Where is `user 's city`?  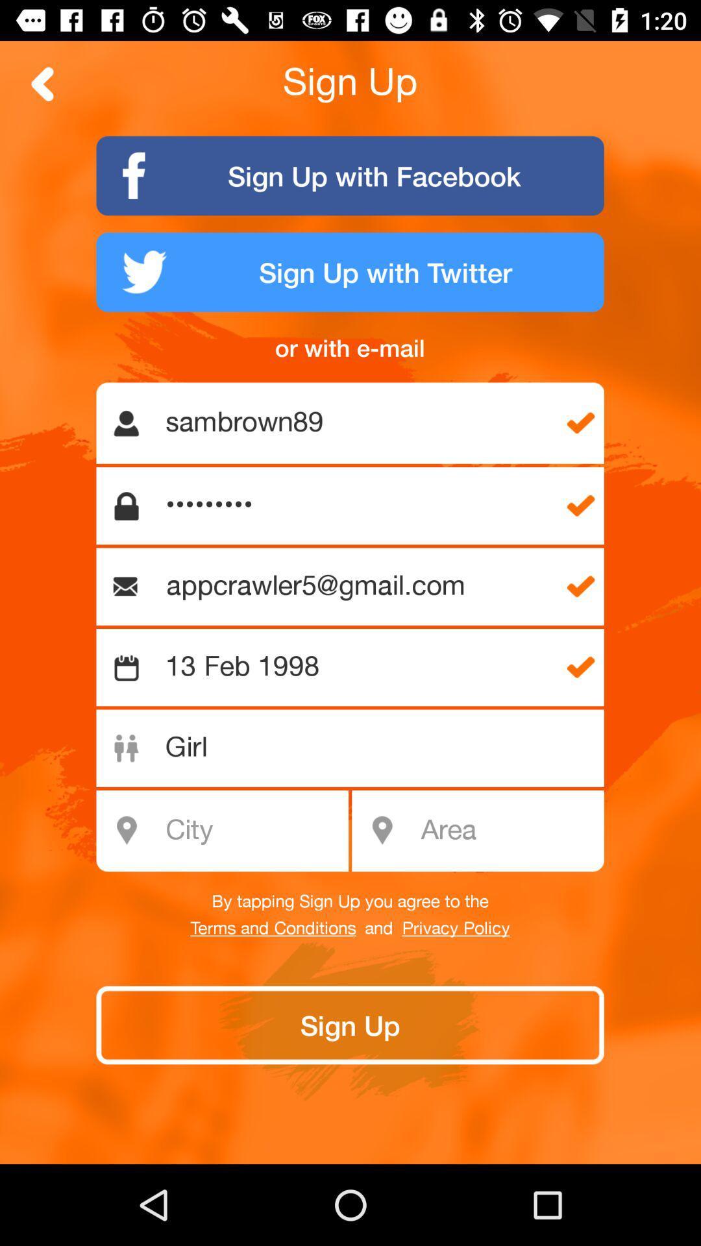
user 's city is located at coordinates (229, 831).